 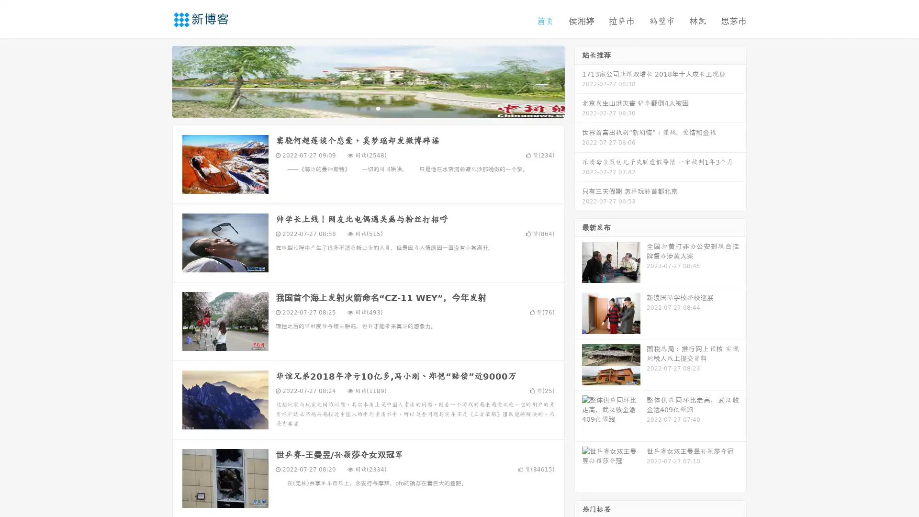 What do you see at coordinates (378, 108) in the screenshot?
I see `Go to slide 3` at bounding box center [378, 108].